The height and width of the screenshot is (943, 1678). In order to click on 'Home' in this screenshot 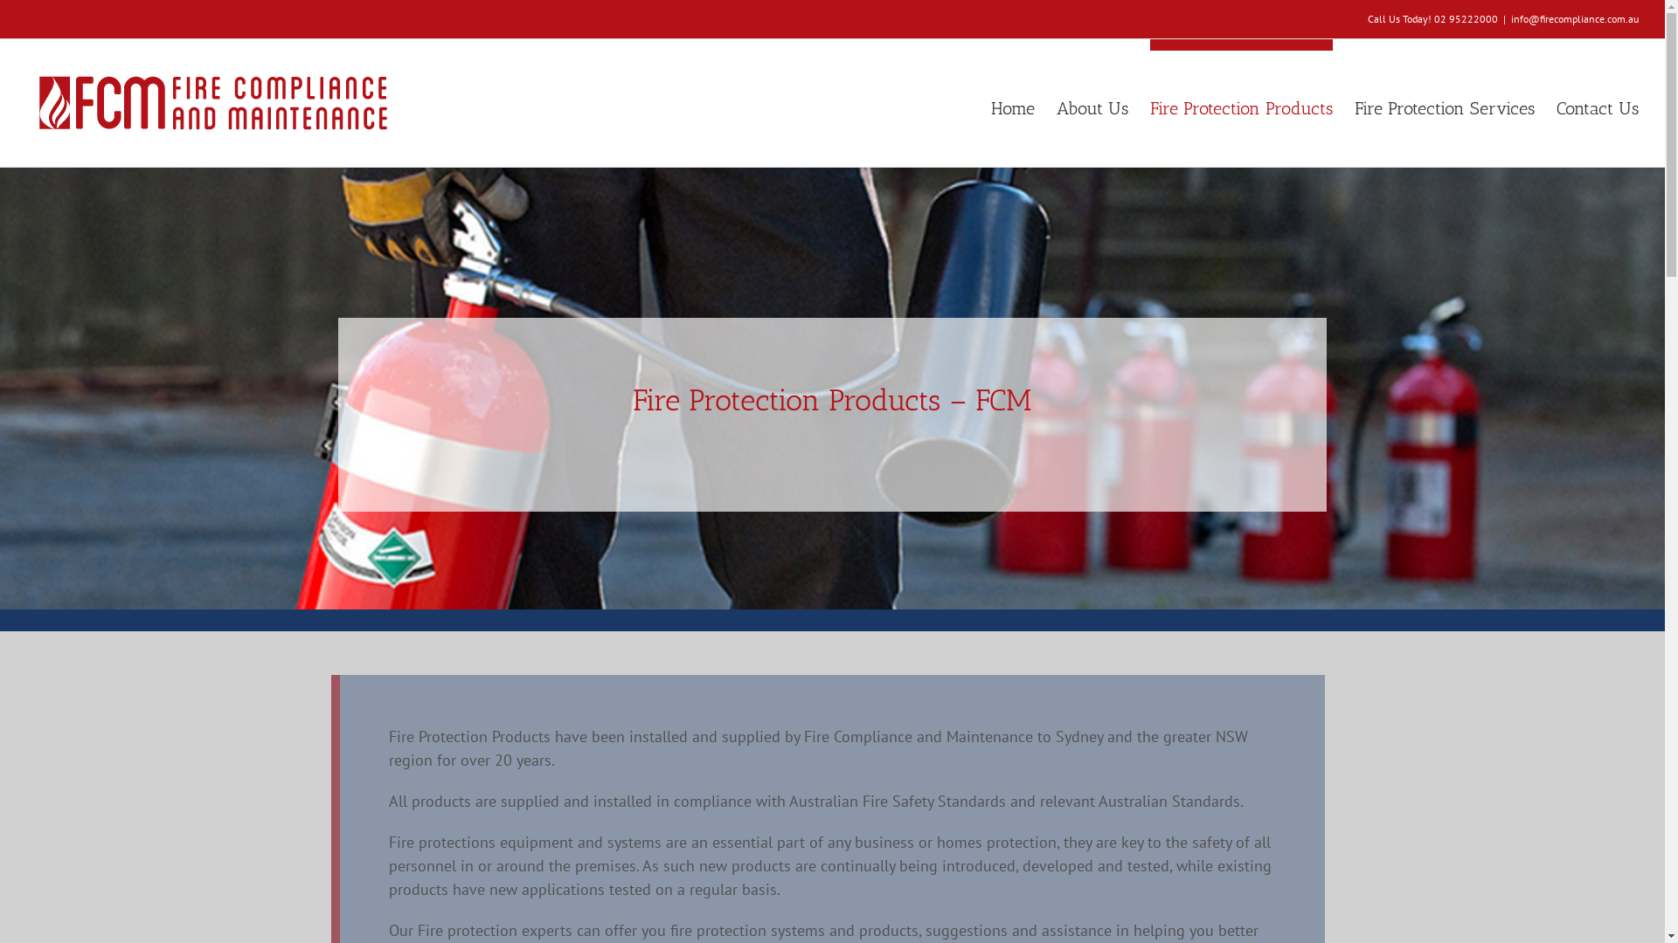, I will do `click(1012, 102)`.